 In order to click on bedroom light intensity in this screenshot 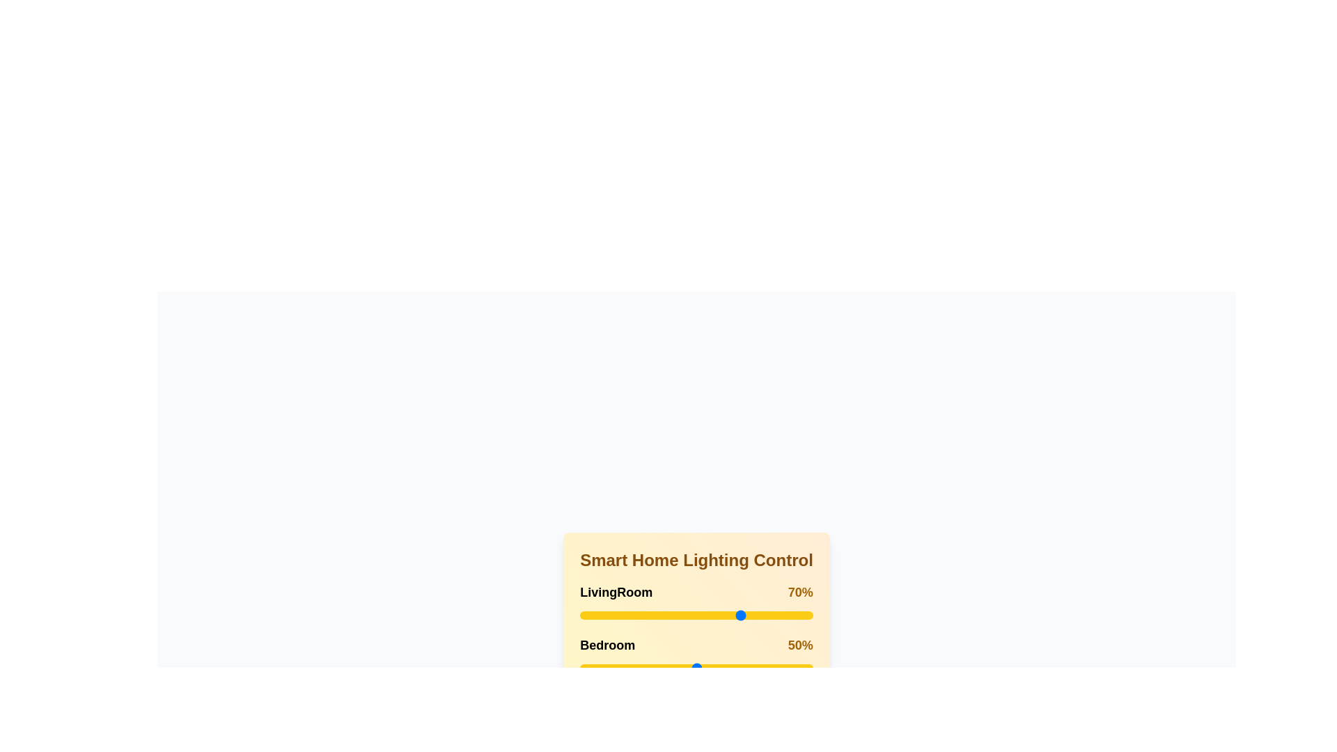, I will do `click(591, 668)`.